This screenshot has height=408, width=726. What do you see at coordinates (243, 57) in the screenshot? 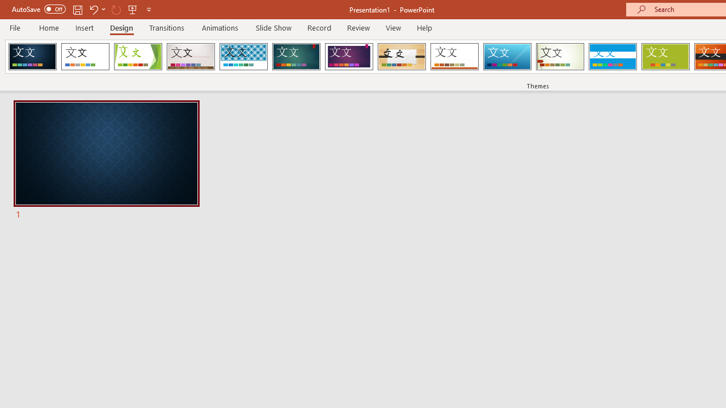
I see `'Integral Loading Preview...'` at bounding box center [243, 57].